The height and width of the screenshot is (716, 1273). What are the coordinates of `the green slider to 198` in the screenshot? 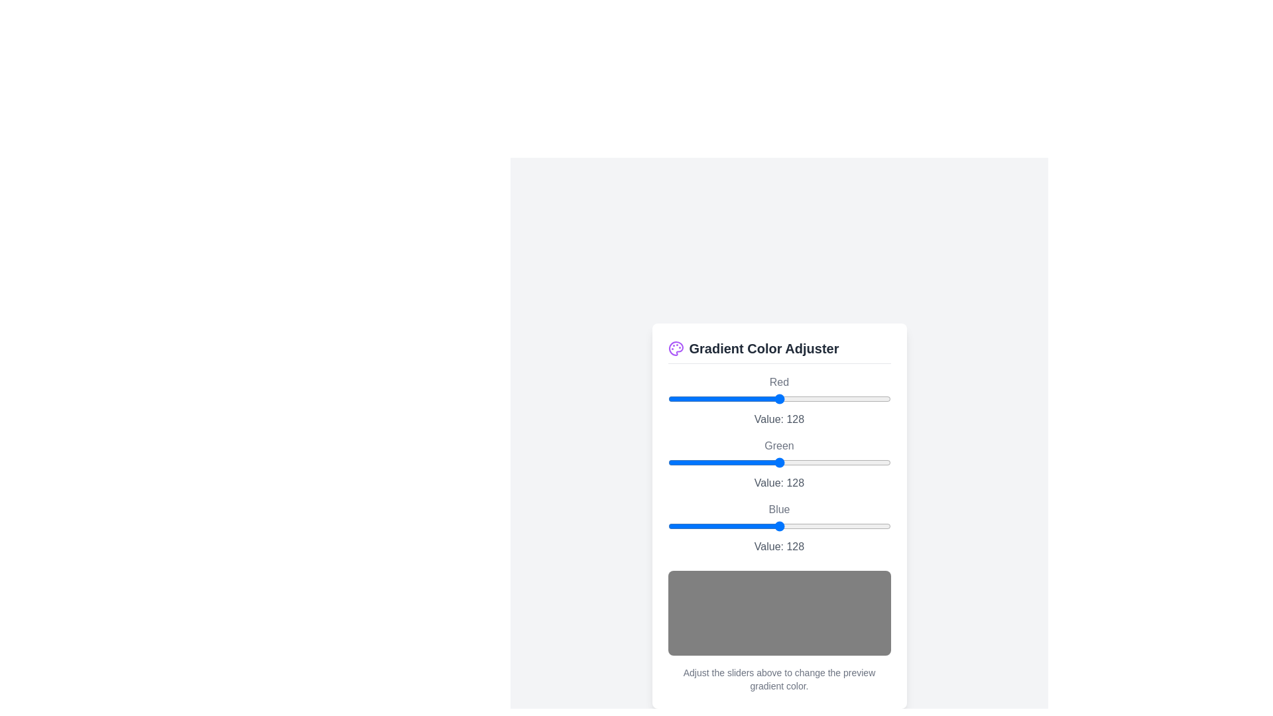 It's located at (840, 461).